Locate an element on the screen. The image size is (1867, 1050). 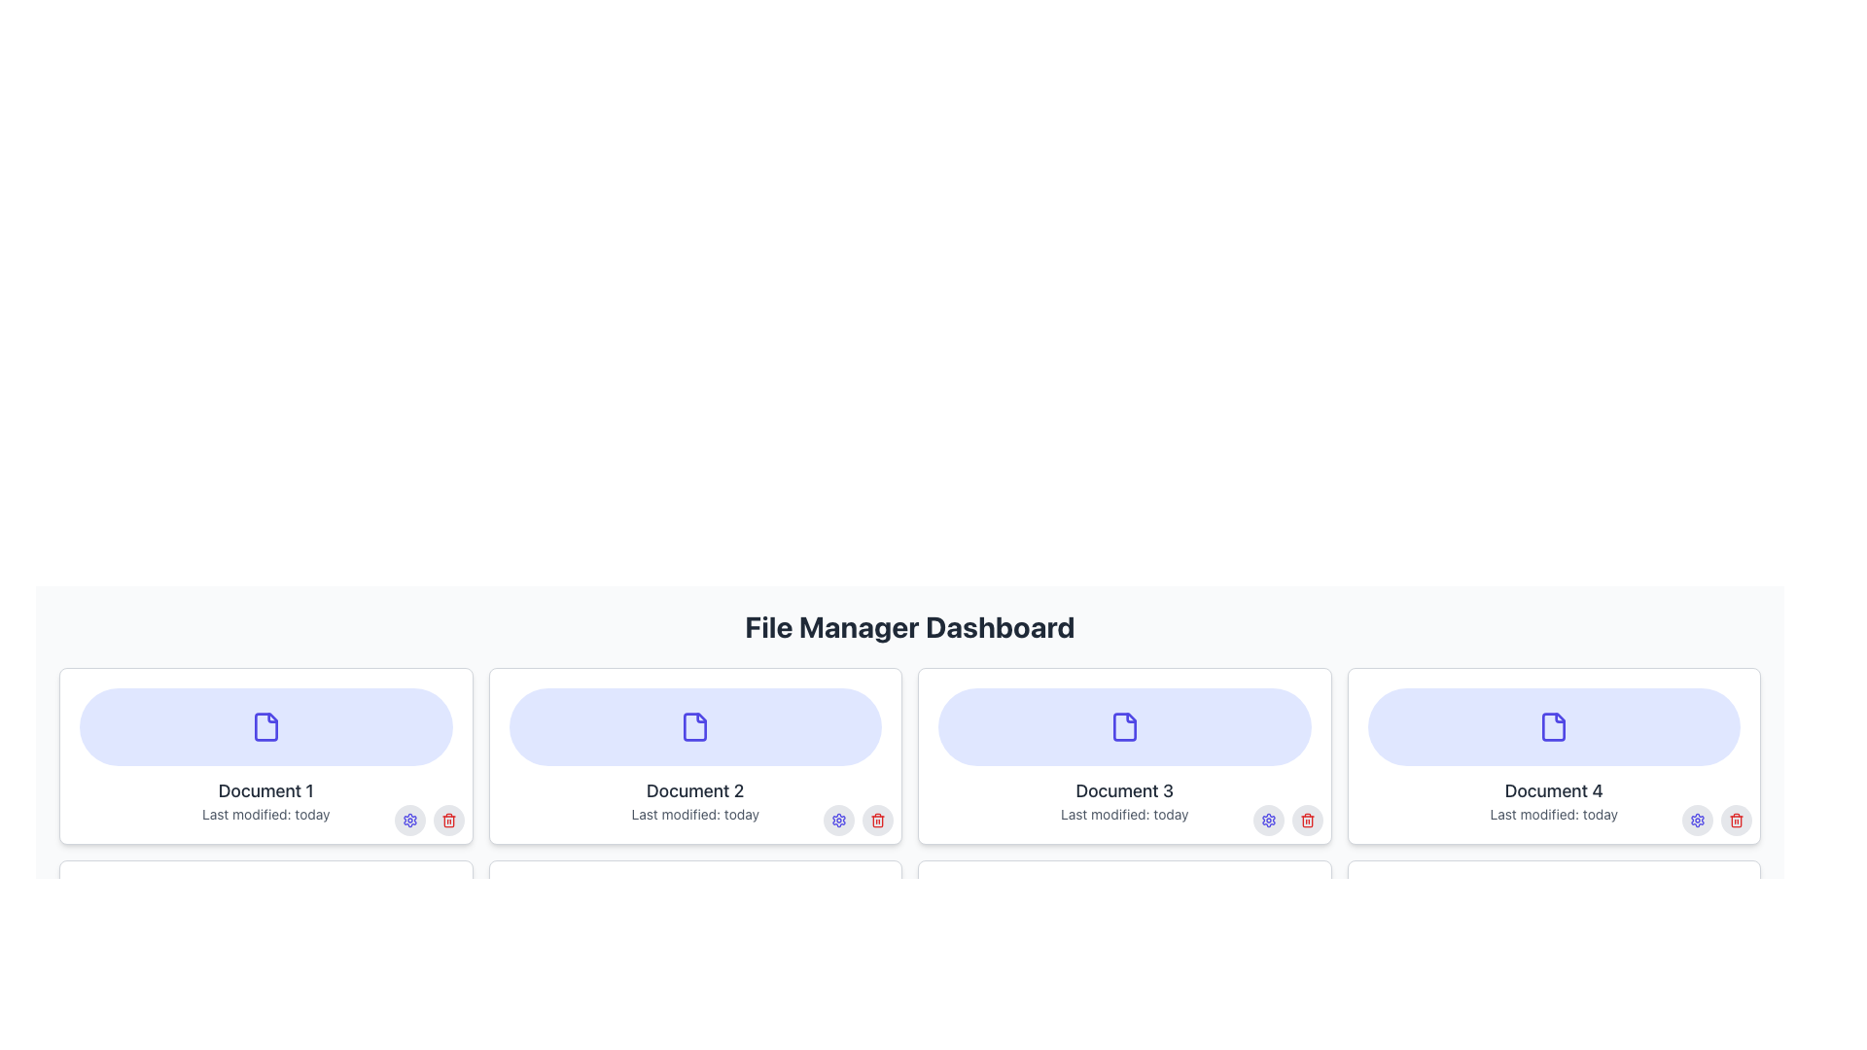
the gear-shaped settings icon located at the bottom-right of the 'Document 4' card is located at coordinates (1268, 821).